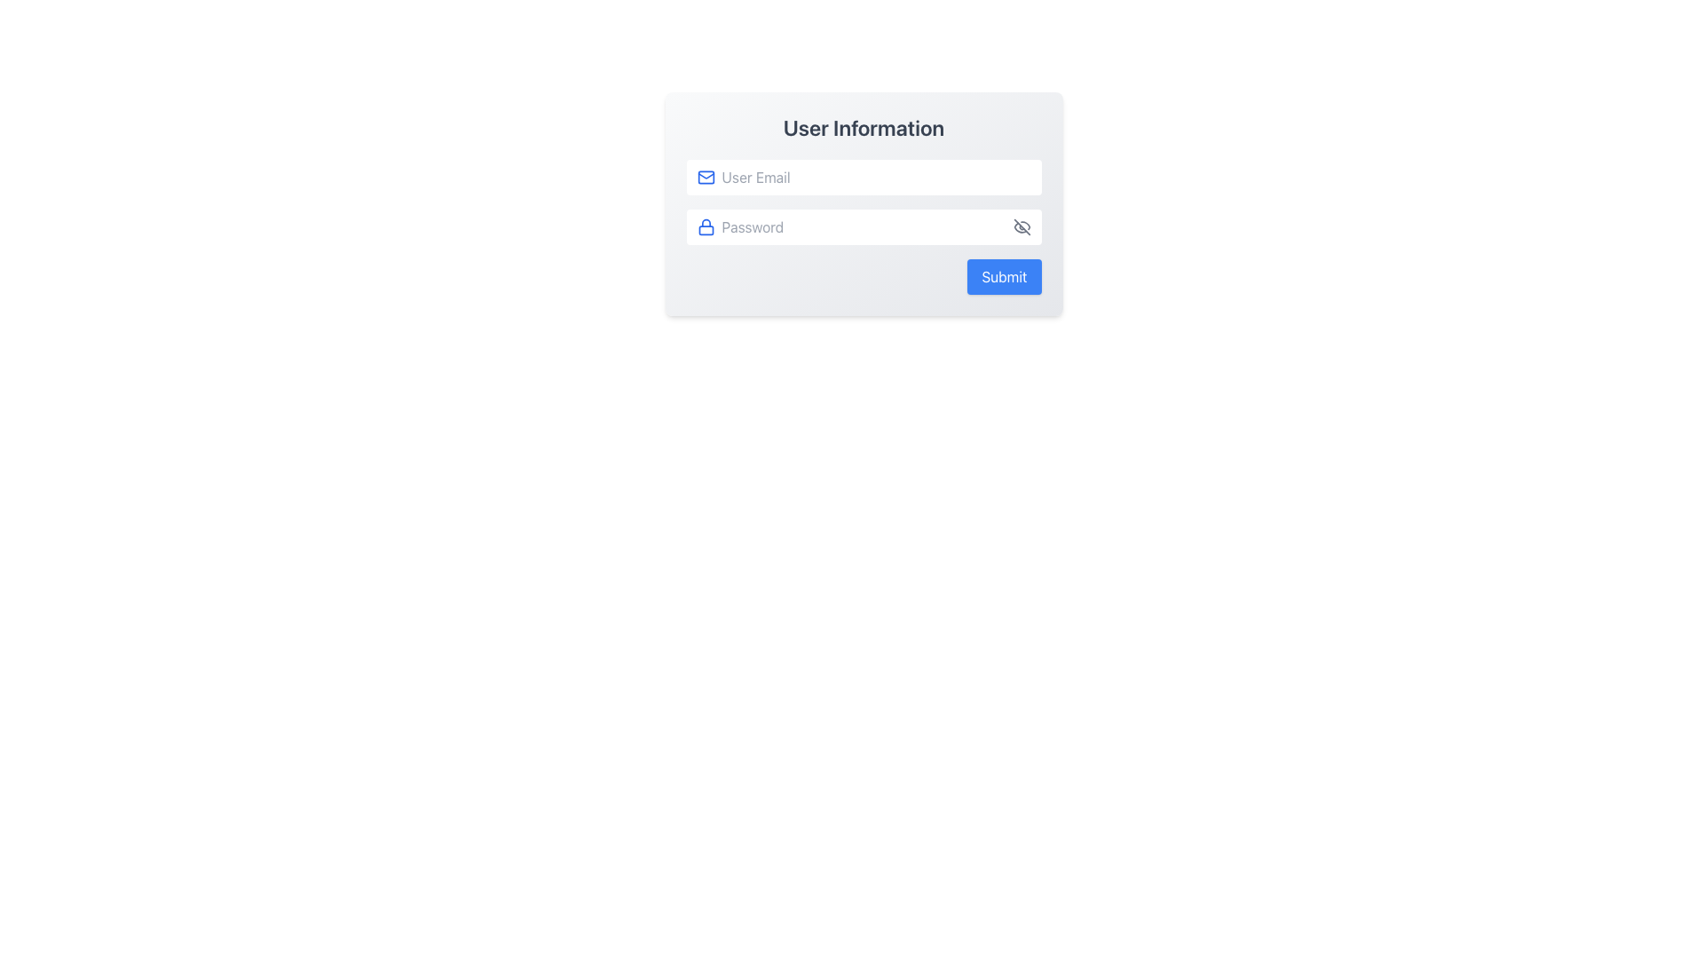 This screenshot has height=959, width=1704. What do you see at coordinates (705, 178) in the screenshot?
I see `the envelope icon, which is a rectangular icon with rounded corners located to the left of the User Email input field` at bounding box center [705, 178].